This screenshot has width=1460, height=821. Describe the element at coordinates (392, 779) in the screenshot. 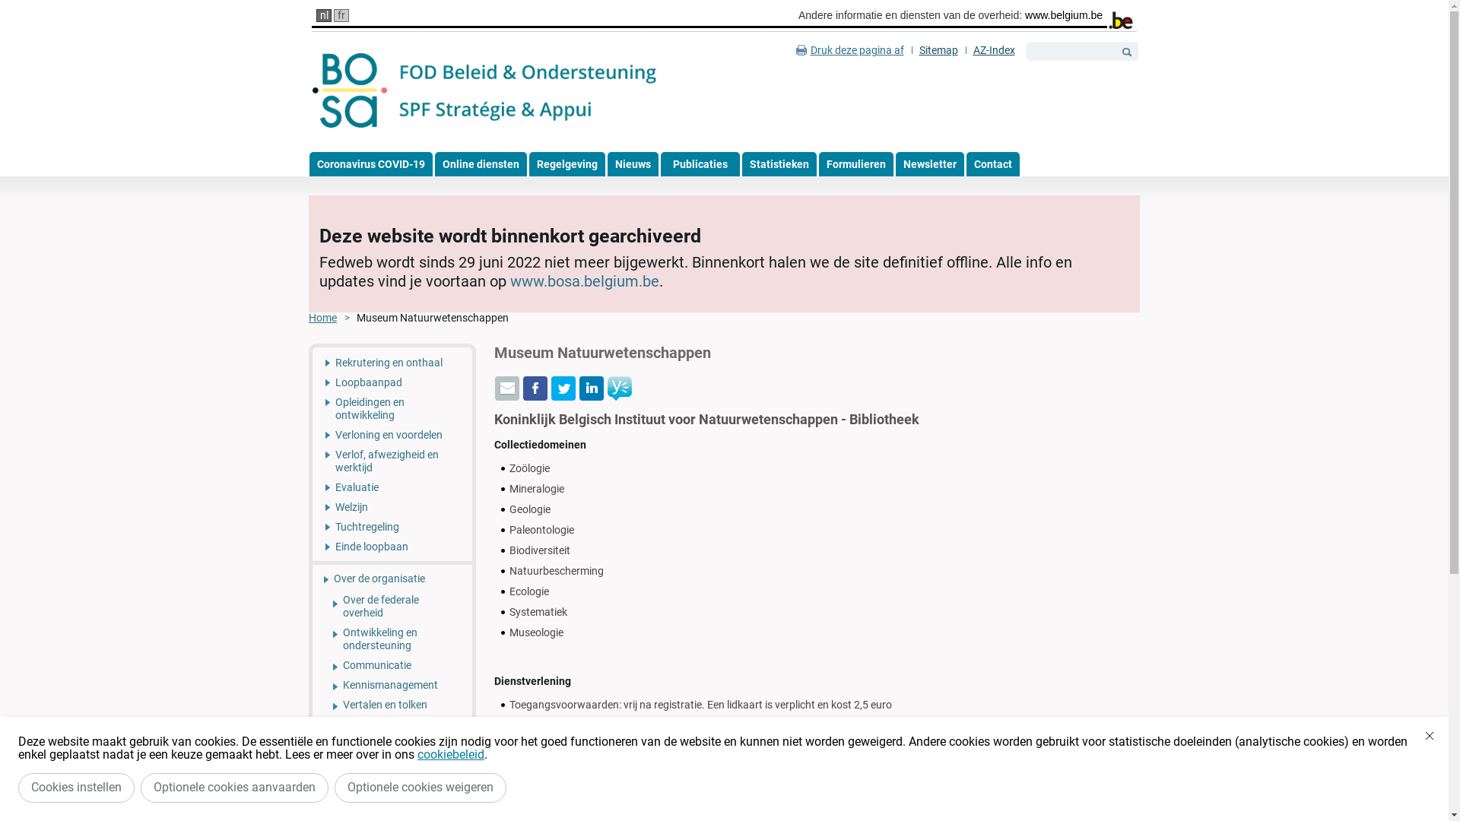

I see `'ICT'` at that location.